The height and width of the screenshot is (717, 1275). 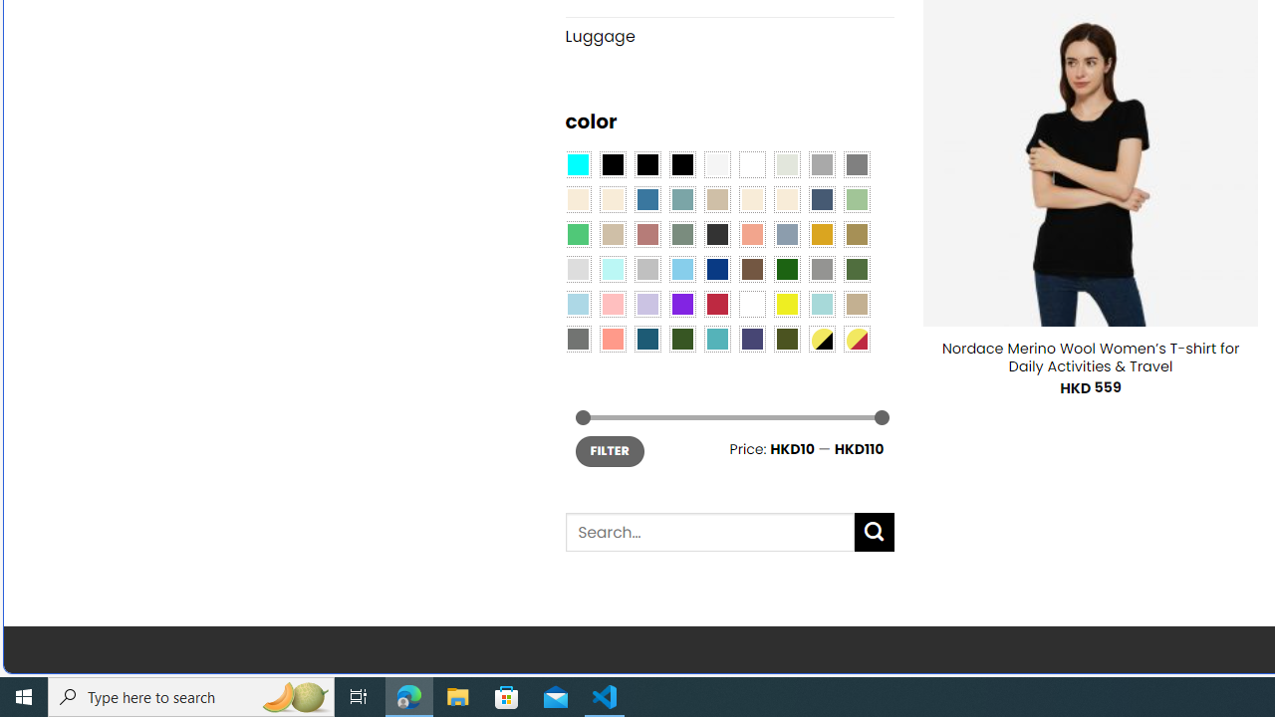 What do you see at coordinates (681, 162) in the screenshot?
I see `'Black-Brown'` at bounding box center [681, 162].